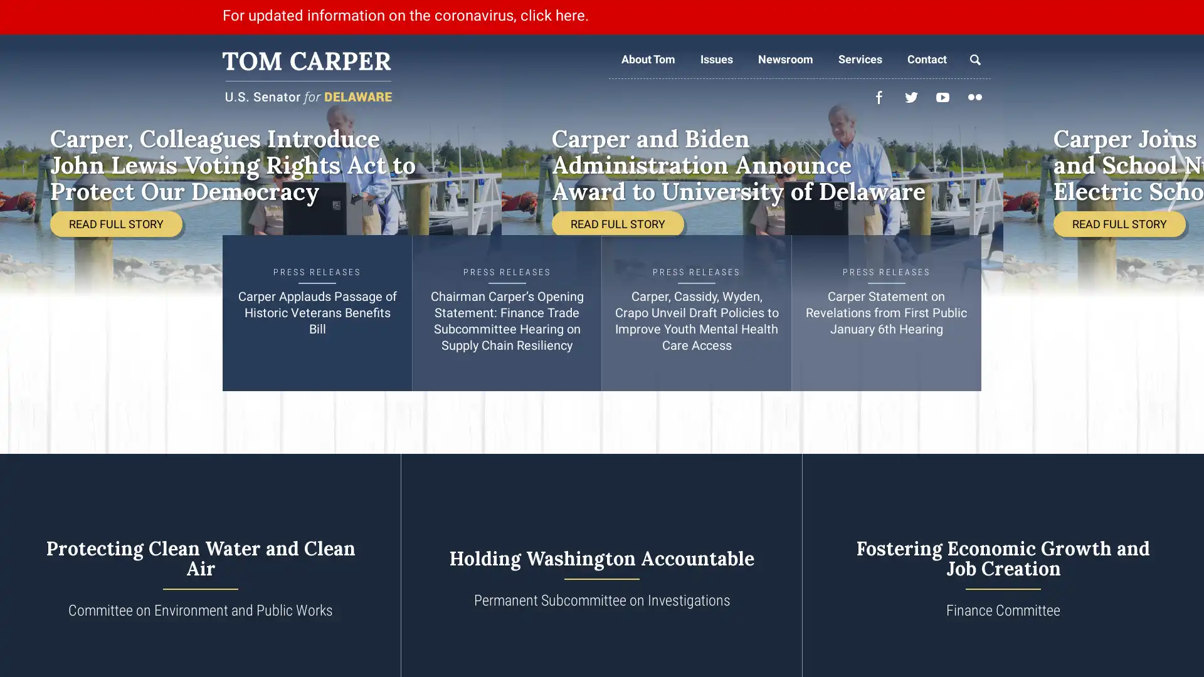 The width and height of the screenshot is (1204, 677). Describe the element at coordinates (974, 60) in the screenshot. I see `Search` at that location.